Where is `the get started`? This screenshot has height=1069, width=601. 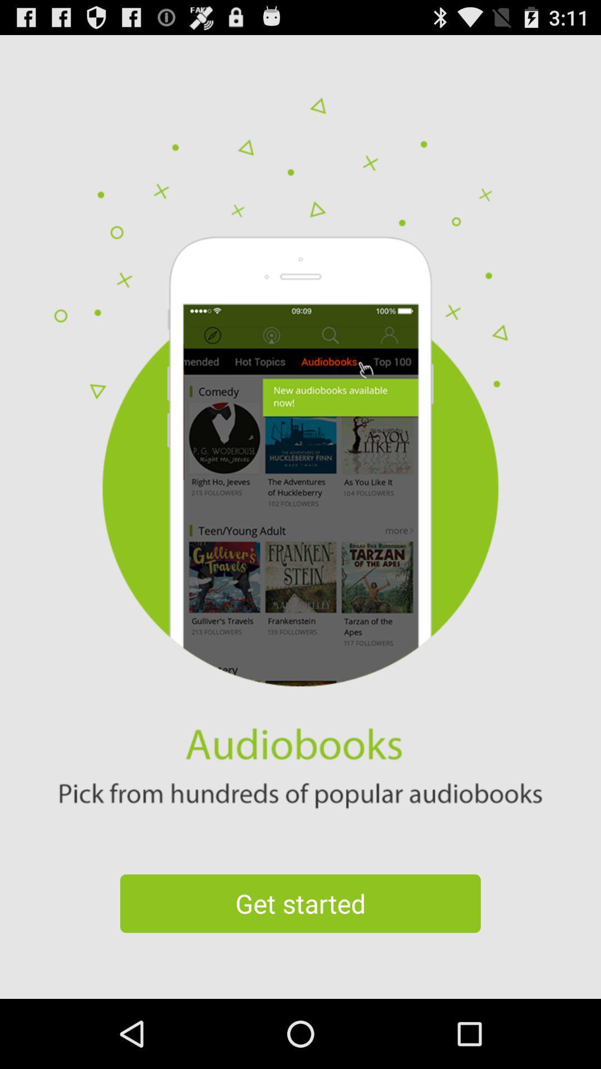 the get started is located at coordinates (300, 903).